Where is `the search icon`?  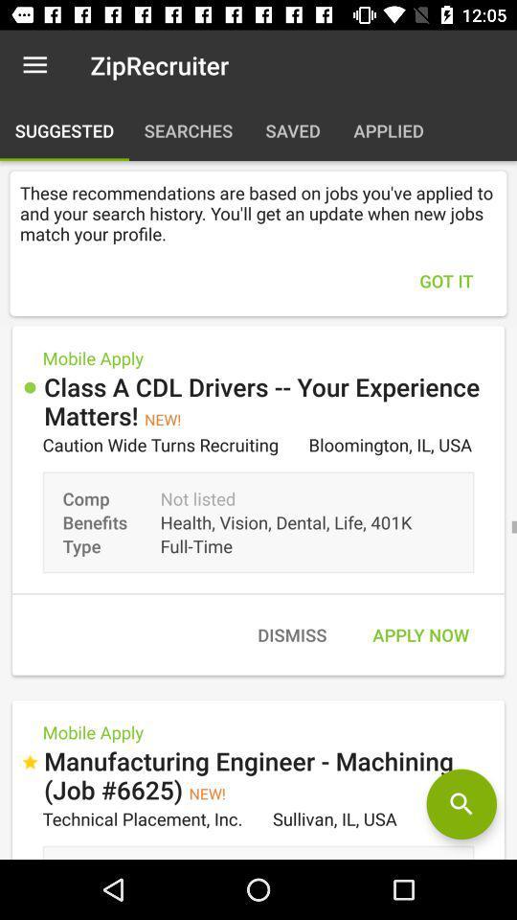
the search icon is located at coordinates (461, 804).